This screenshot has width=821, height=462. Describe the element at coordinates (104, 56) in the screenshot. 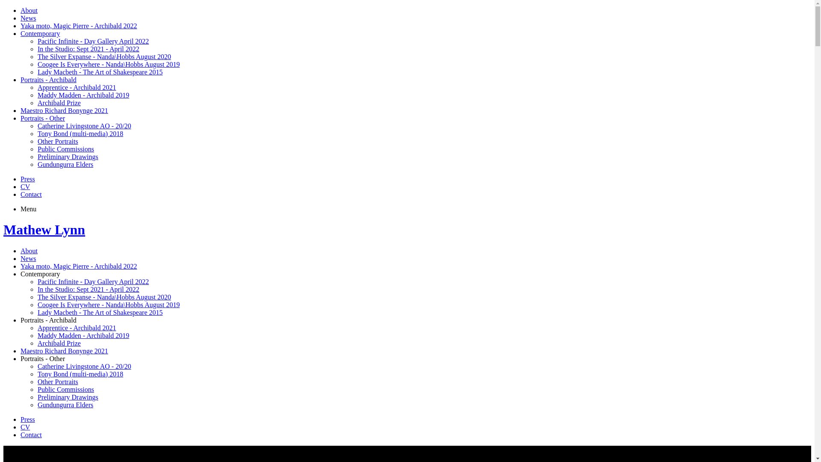

I see `'The Silver Expanse - Nanda\Hobbs August 2020'` at that location.